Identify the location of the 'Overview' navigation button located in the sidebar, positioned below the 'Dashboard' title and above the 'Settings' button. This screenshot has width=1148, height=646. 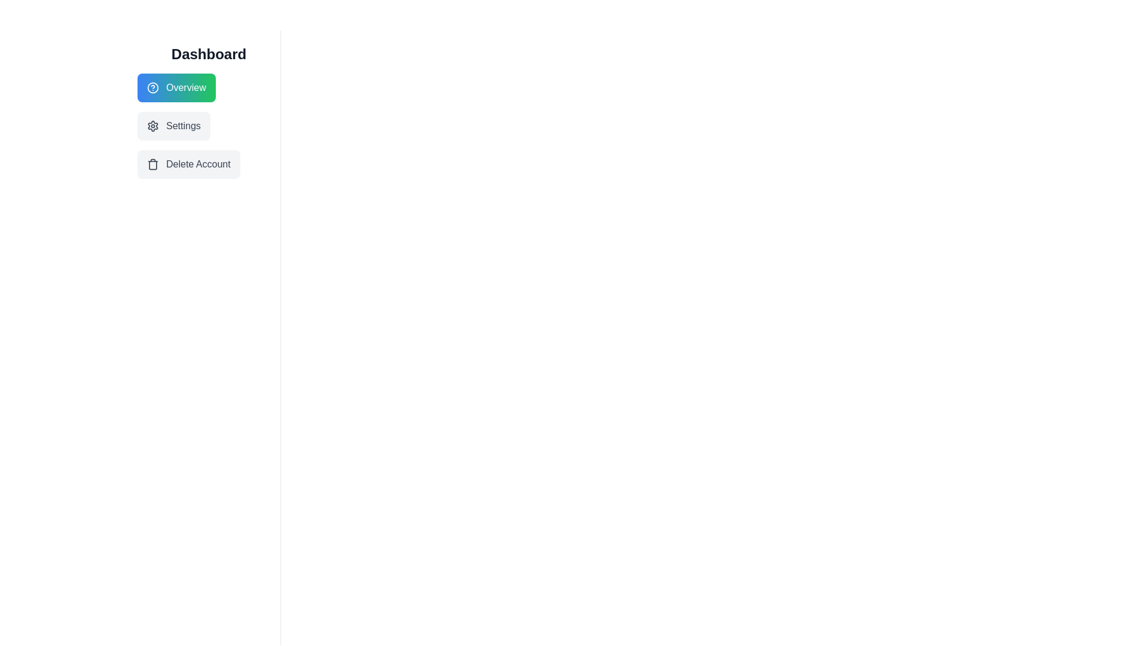
(176, 87).